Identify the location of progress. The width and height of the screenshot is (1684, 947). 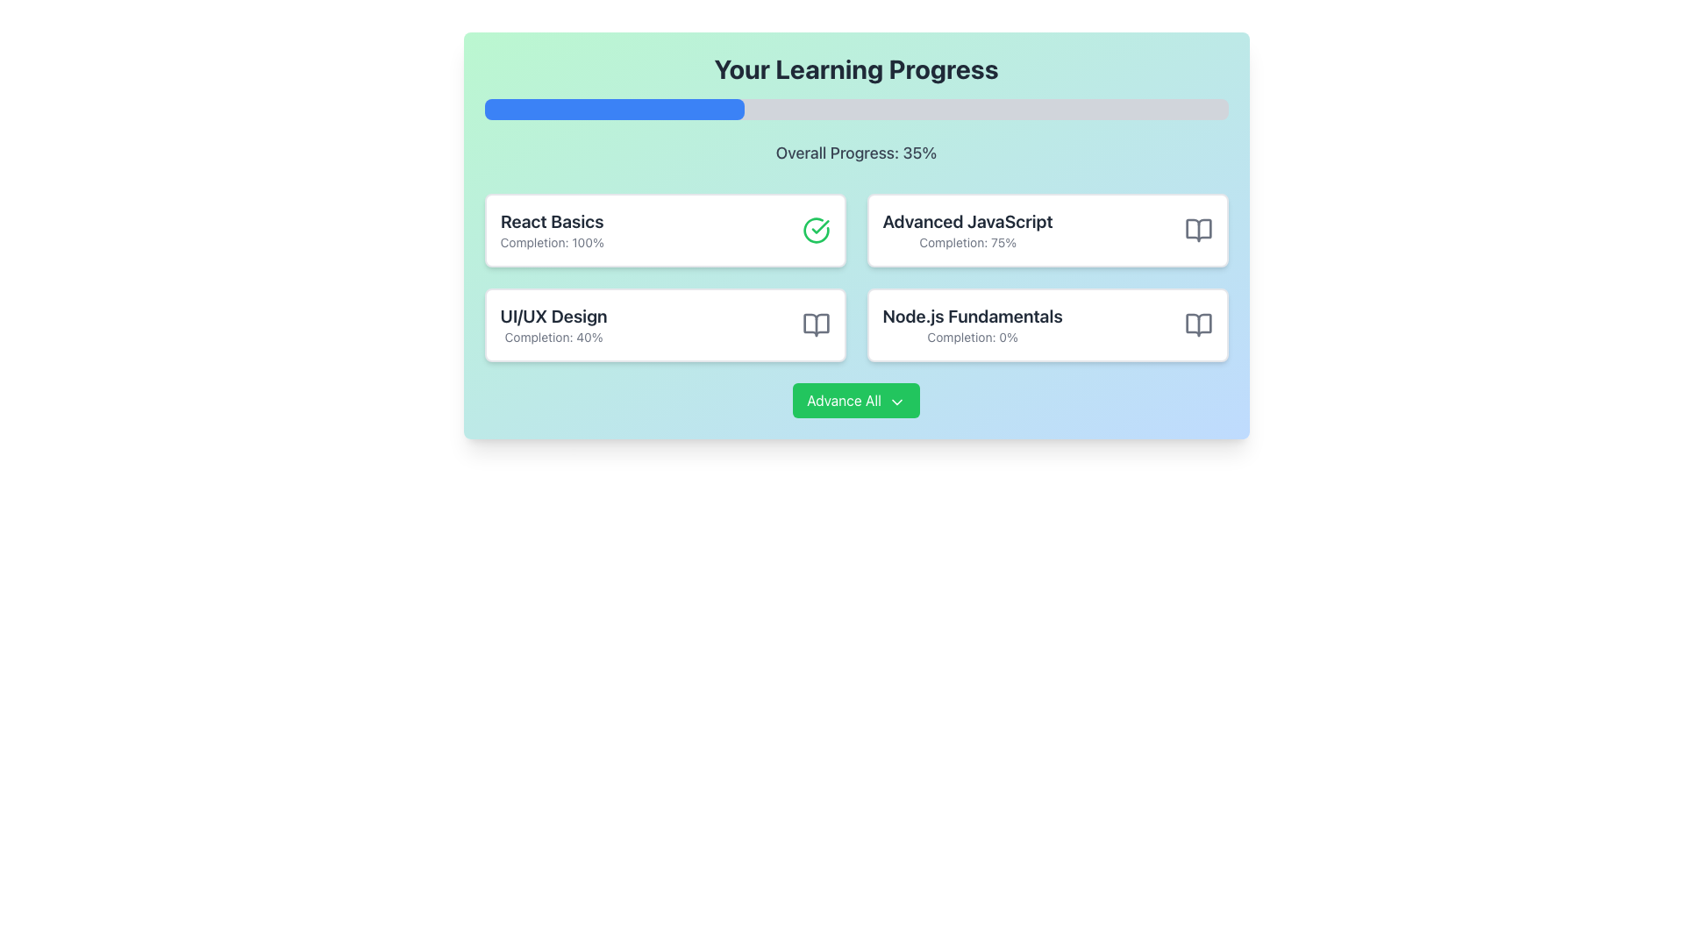
(625, 109).